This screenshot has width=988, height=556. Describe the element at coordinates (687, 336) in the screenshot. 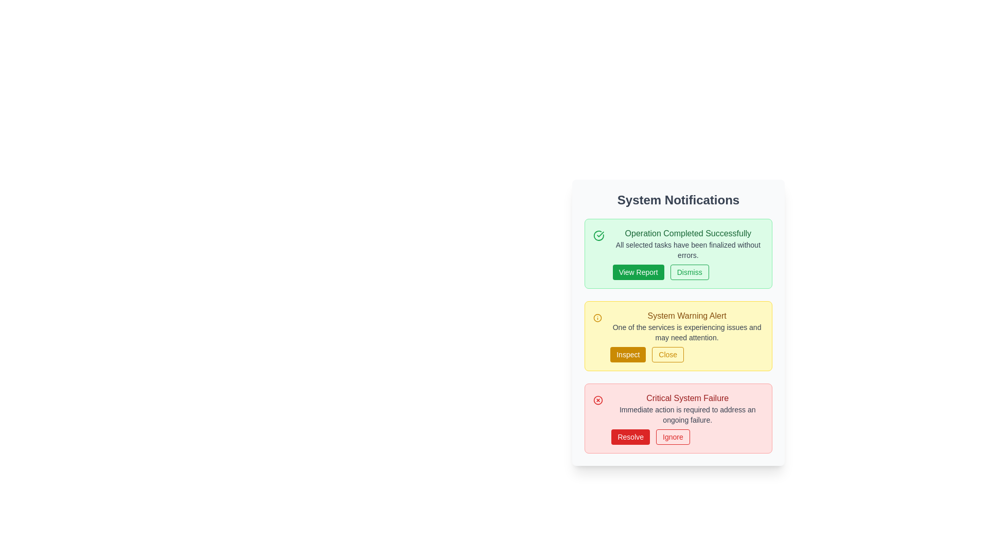

I see `the Notification component that provides a warning about an issue needing attention, positioned between a successful operation notification and a critical system failure notification` at that location.